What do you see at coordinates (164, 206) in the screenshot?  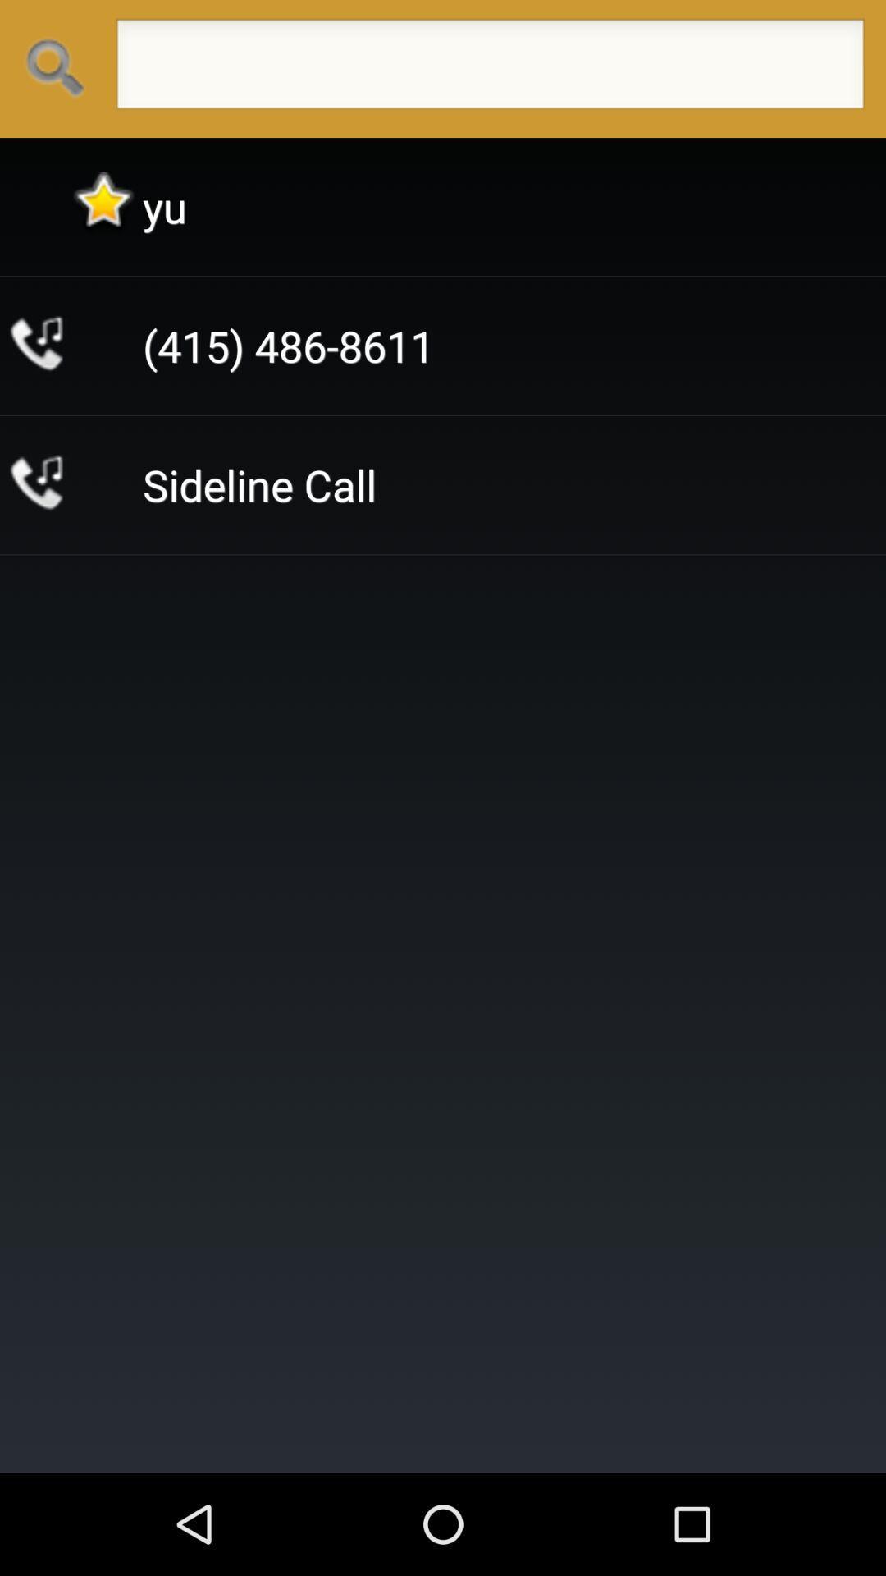 I see `yu app` at bounding box center [164, 206].